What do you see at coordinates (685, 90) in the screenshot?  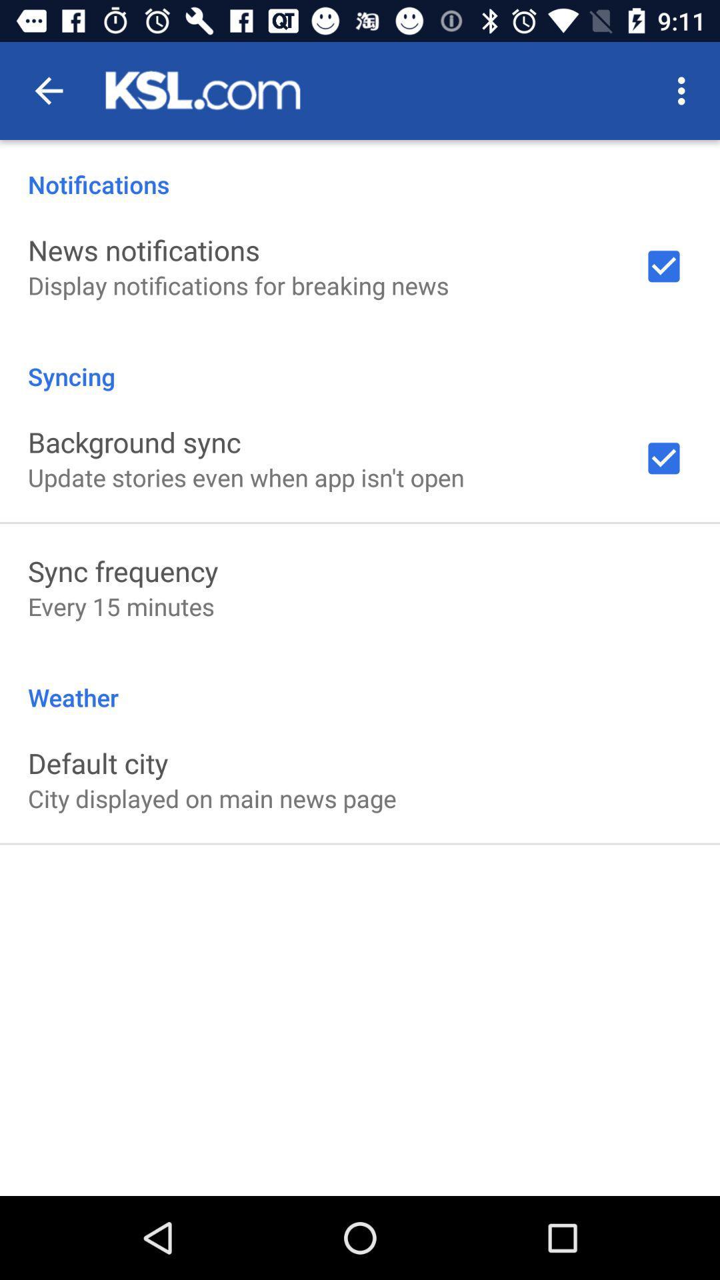 I see `the app above the notifications` at bounding box center [685, 90].